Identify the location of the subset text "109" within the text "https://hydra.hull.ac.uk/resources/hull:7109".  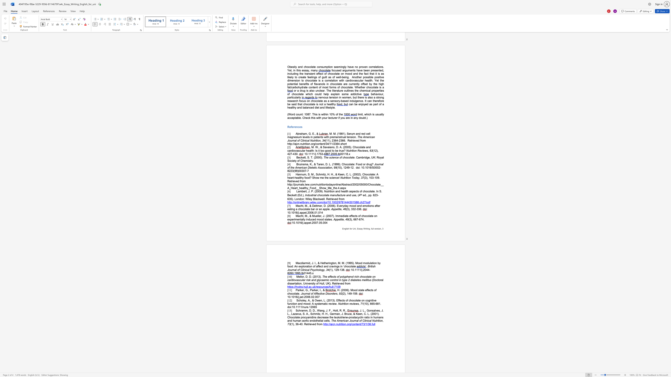
(335, 287).